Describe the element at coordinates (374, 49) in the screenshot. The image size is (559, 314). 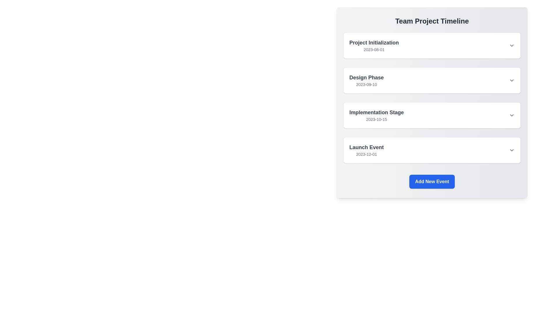
I see `the text label displaying the date '2023-08-01', which is styled in light gray and located directly below the bold 'Project Initialization' label in the timeline component` at that location.